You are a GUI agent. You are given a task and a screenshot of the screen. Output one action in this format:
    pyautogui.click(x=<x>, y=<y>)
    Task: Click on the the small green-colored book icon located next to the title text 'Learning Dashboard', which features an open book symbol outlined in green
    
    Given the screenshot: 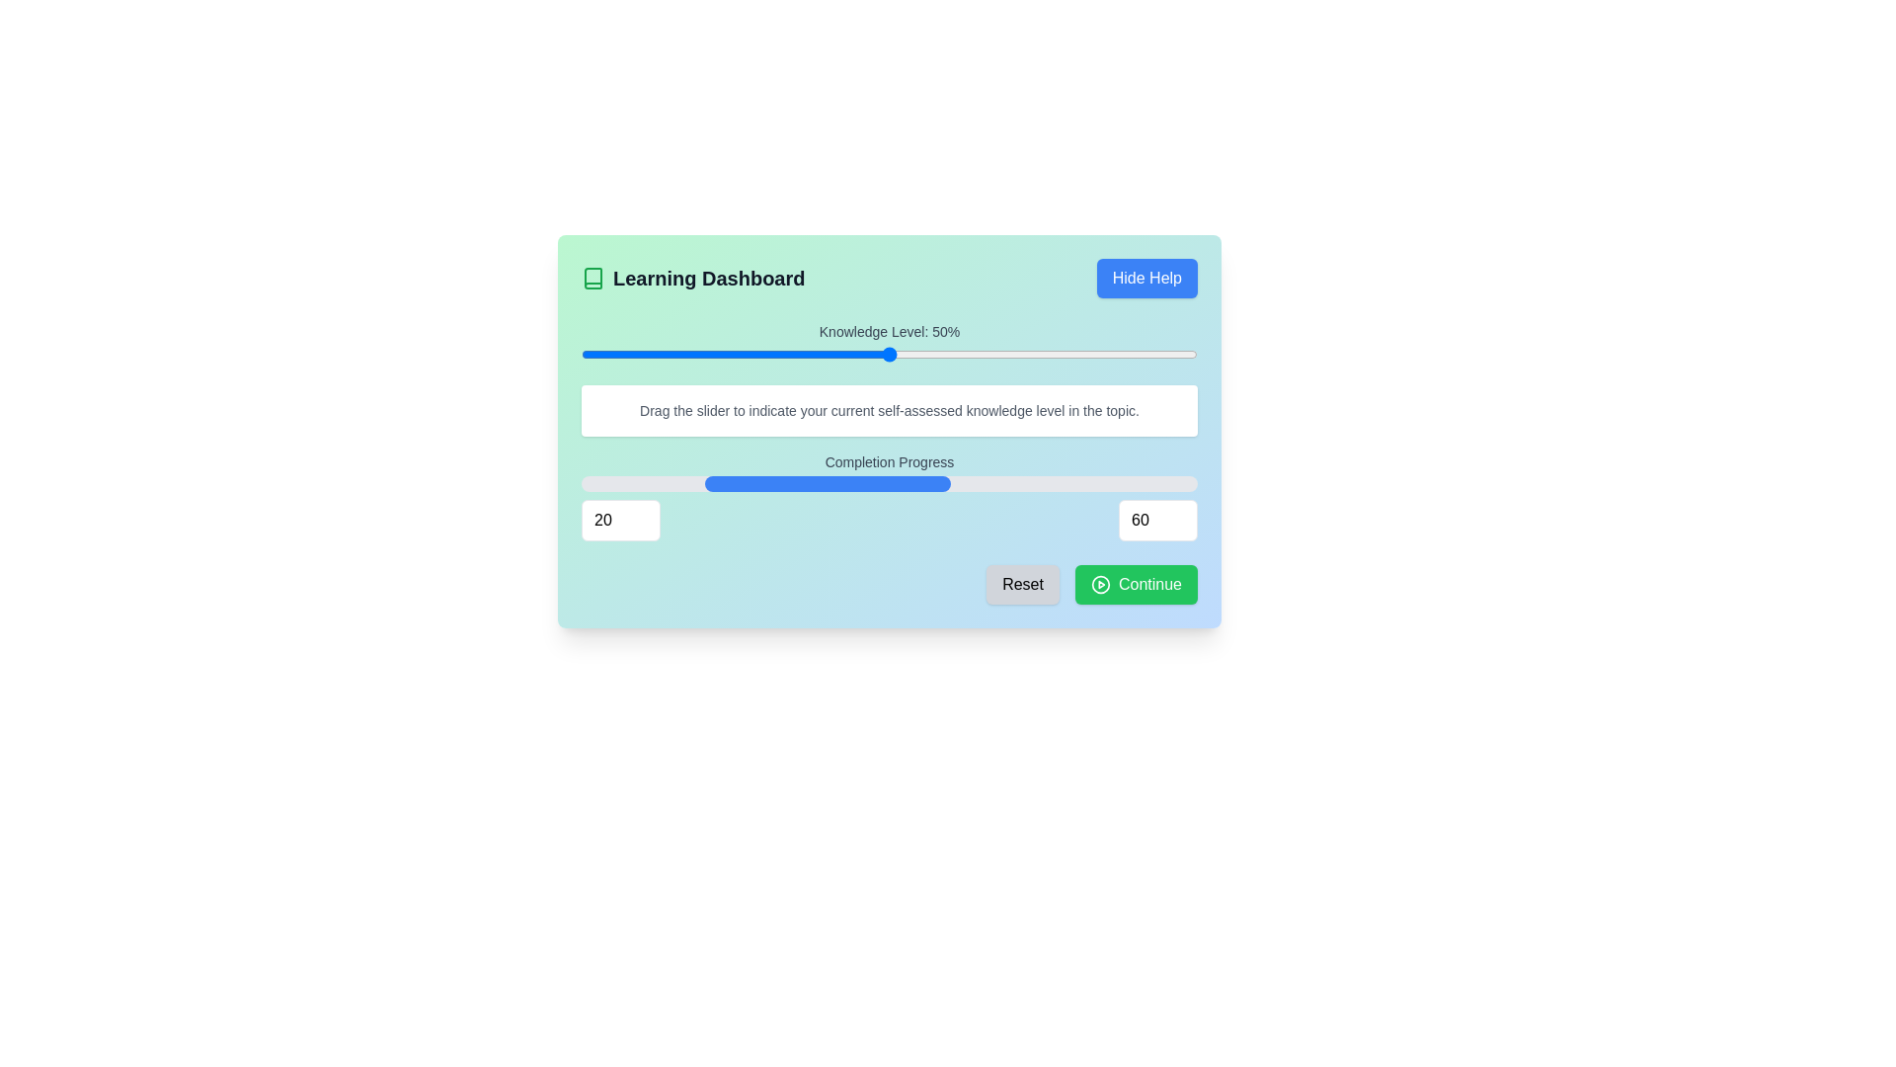 What is the action you would take?
    pyautogui.click(x=592, y=278)
    